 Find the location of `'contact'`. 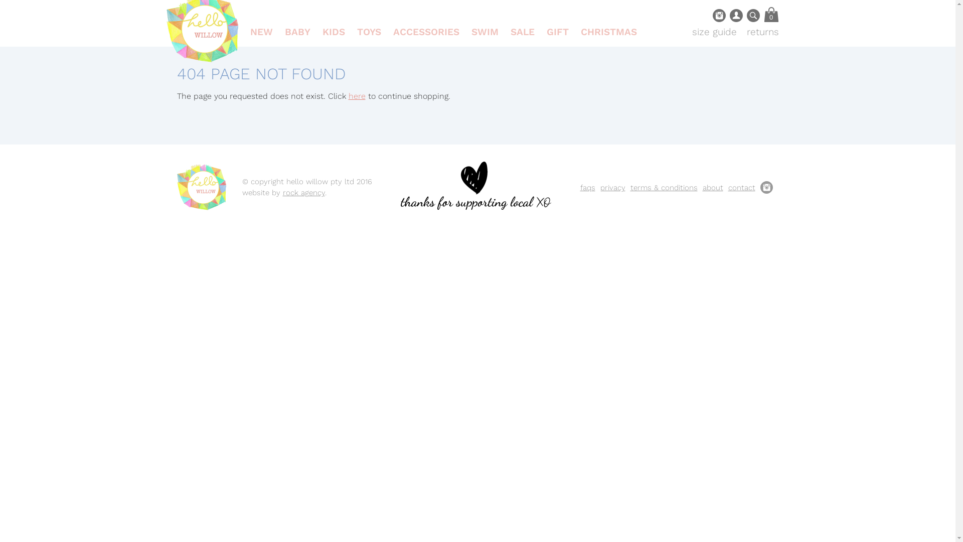

'contact' is located at coordinates (741, 188).